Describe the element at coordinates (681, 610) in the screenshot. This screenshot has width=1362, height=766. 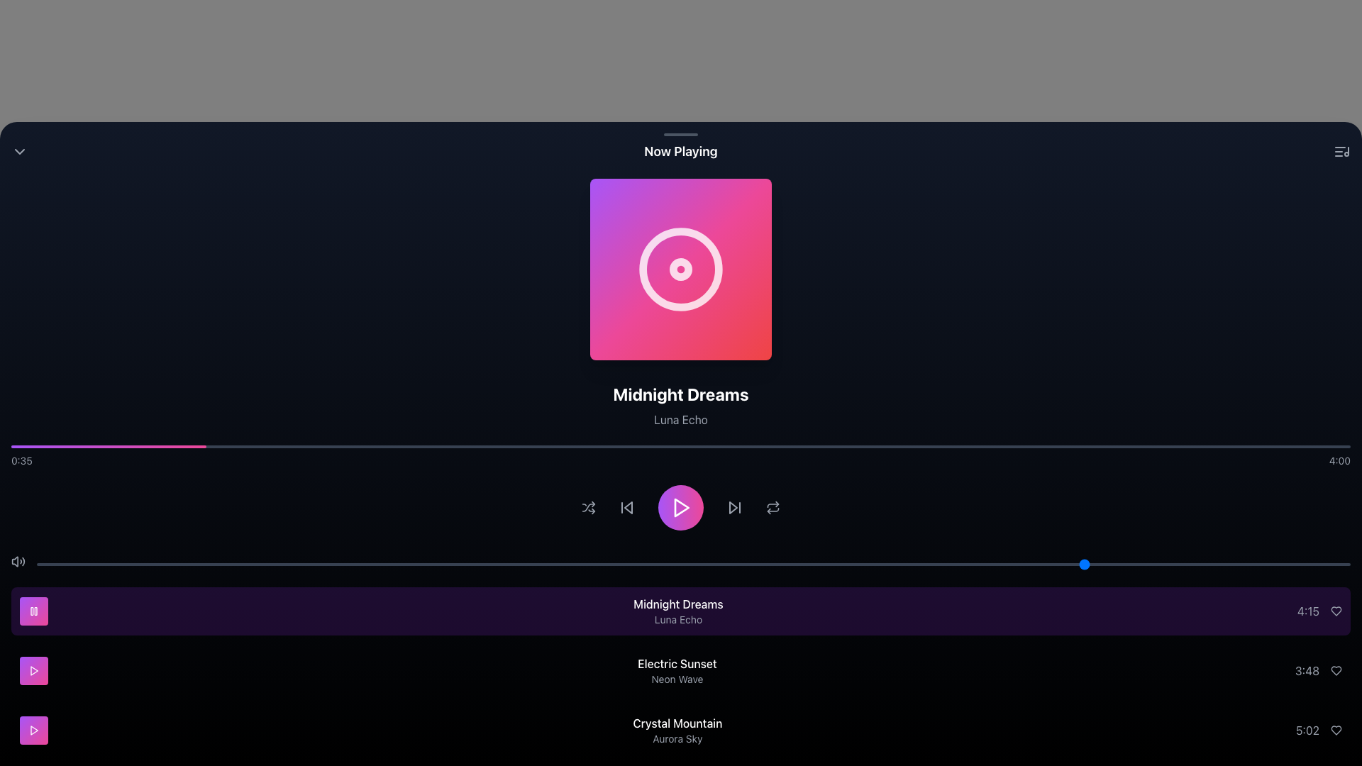
I see `the first song item in the playlist to play the corresponding song` at that location.